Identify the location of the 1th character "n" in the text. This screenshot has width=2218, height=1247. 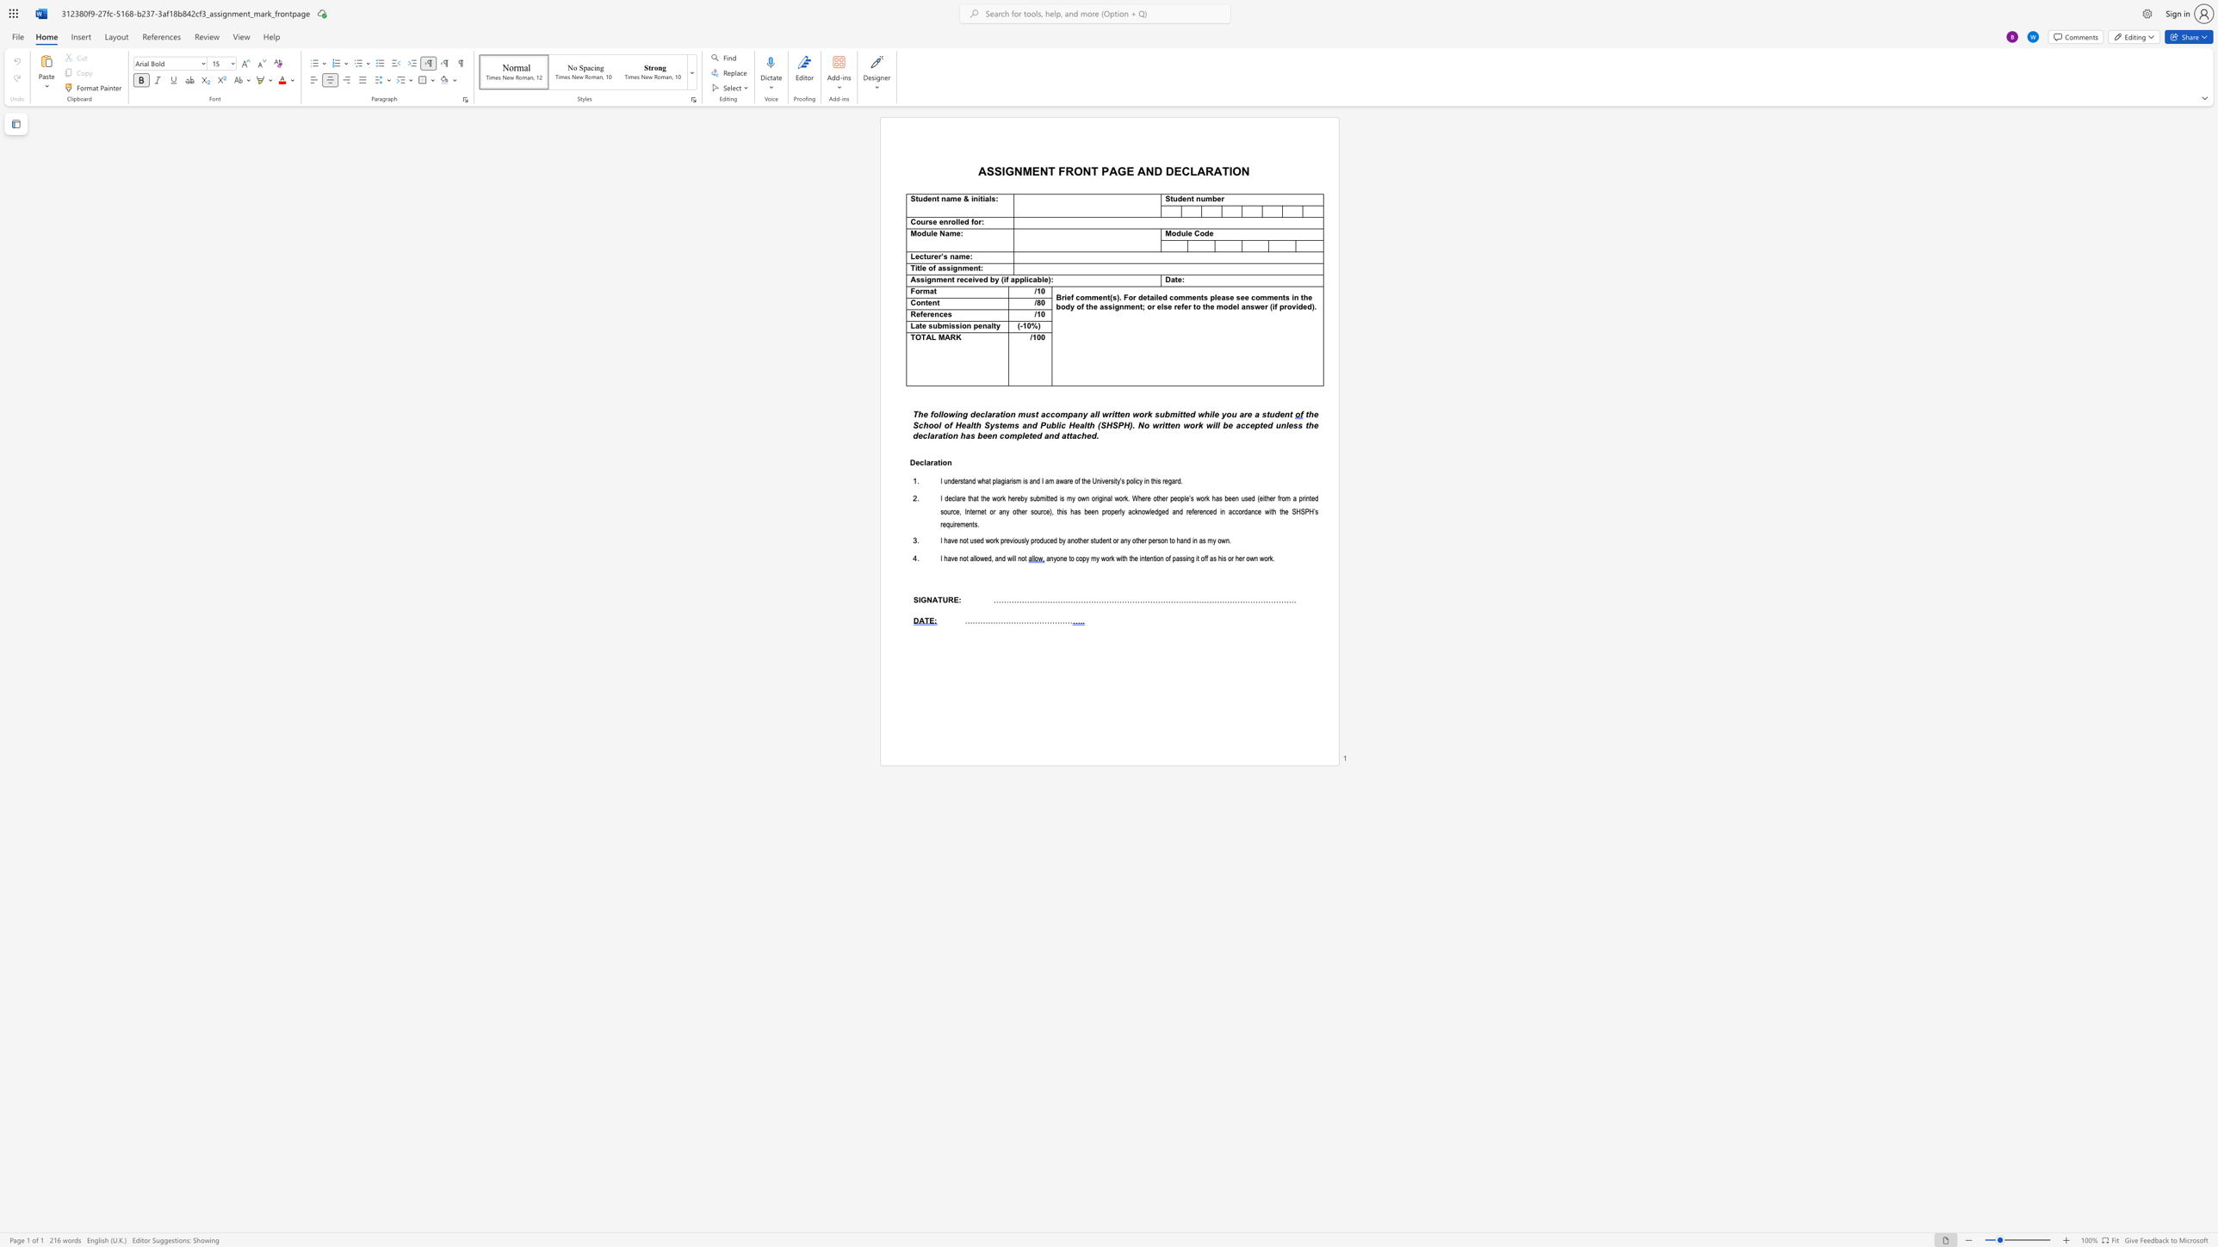
(1188, 198).